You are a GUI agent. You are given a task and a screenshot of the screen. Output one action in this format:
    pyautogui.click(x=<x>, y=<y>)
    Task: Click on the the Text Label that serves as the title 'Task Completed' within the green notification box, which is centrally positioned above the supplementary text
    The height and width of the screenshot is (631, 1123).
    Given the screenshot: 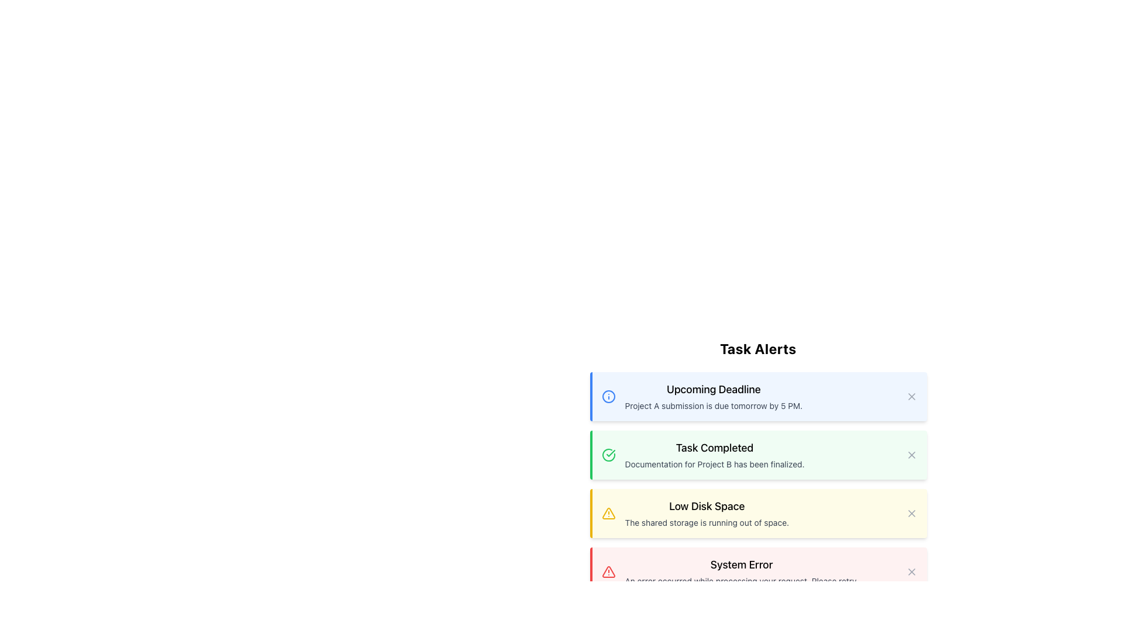 What is the action you would take?
    pyautogui.click(x=714, y=448)
    